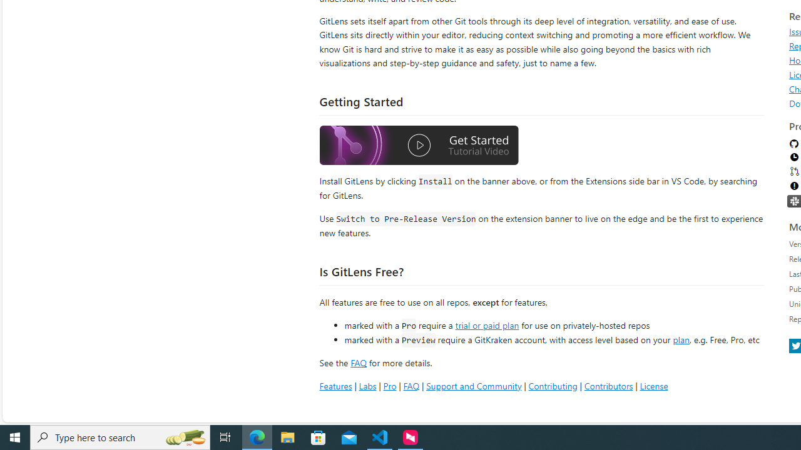 The height and width of the screenshot is (450, 801). I want to click on 'FAQ', so click(411, 385).